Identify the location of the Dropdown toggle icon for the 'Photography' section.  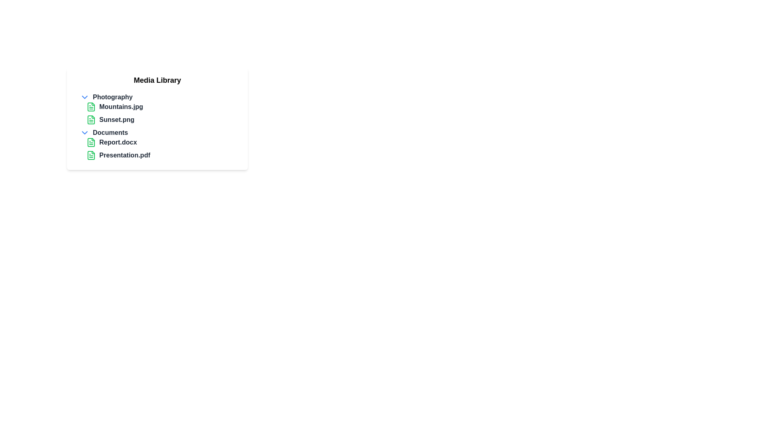
(85, 96).